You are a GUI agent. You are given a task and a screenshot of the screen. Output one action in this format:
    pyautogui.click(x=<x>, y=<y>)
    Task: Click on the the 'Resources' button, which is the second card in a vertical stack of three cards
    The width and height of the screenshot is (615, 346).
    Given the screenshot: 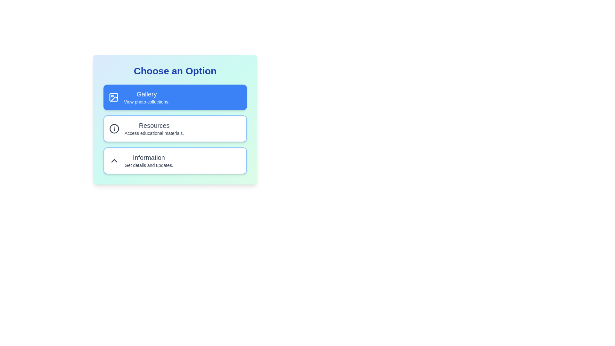 What is the action you would take?
    pyautogui.click(x=175, y=120)
    